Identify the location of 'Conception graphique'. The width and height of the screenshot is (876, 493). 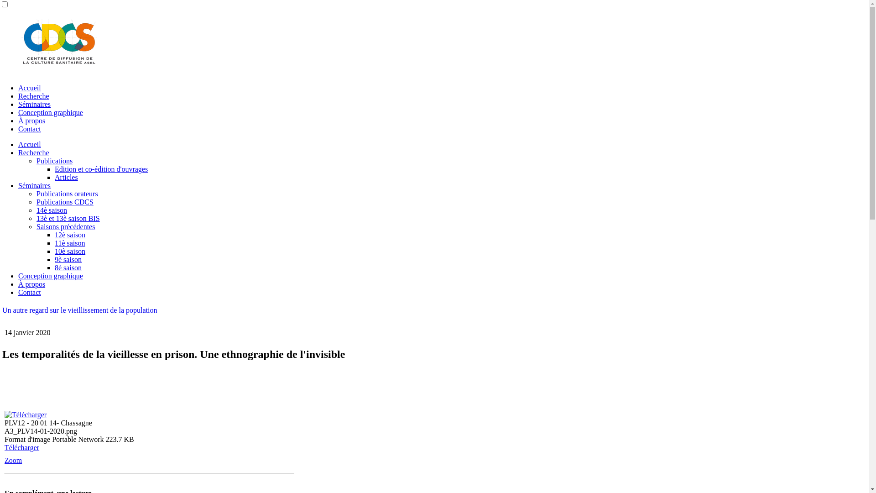
(18, 275).